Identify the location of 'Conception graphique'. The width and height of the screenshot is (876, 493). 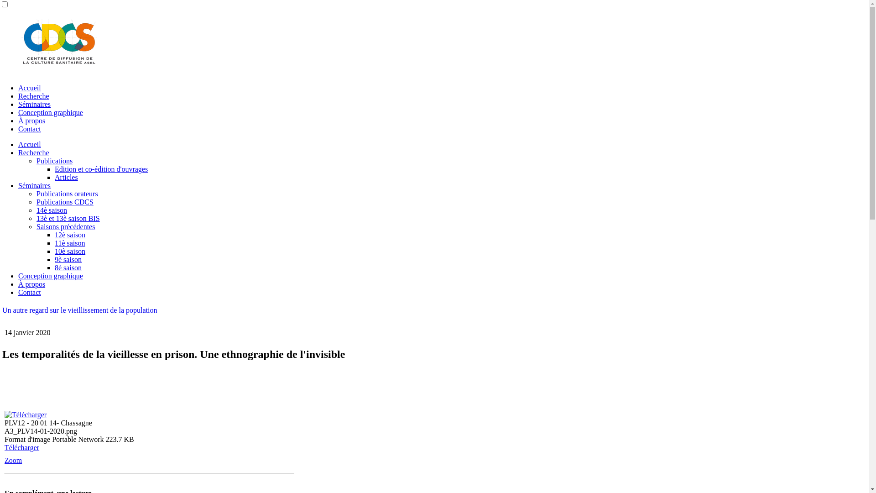
(18, 275).